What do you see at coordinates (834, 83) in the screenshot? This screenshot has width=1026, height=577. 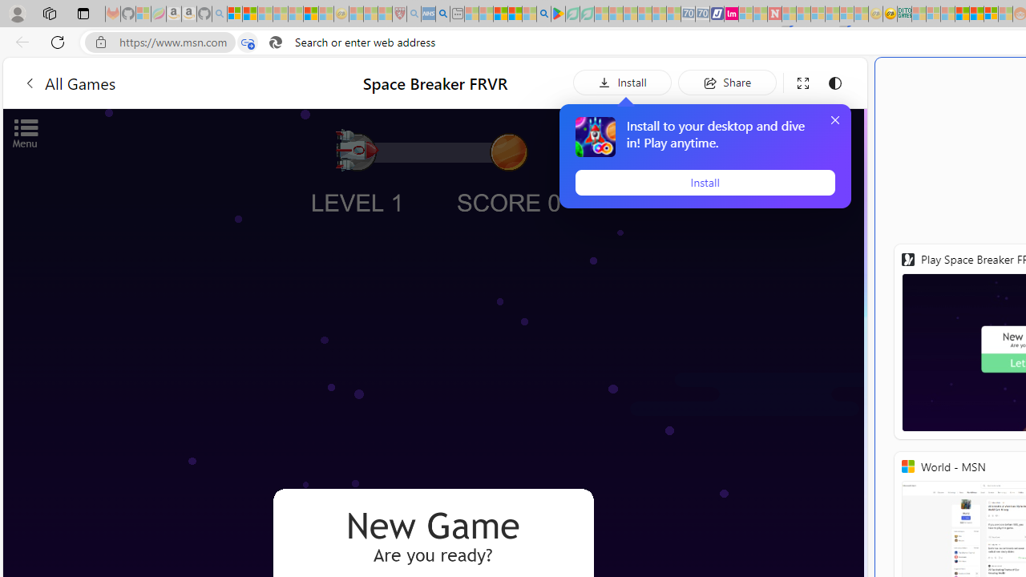 I see `'Change to dark mode'` at bounding box center [834, 83].